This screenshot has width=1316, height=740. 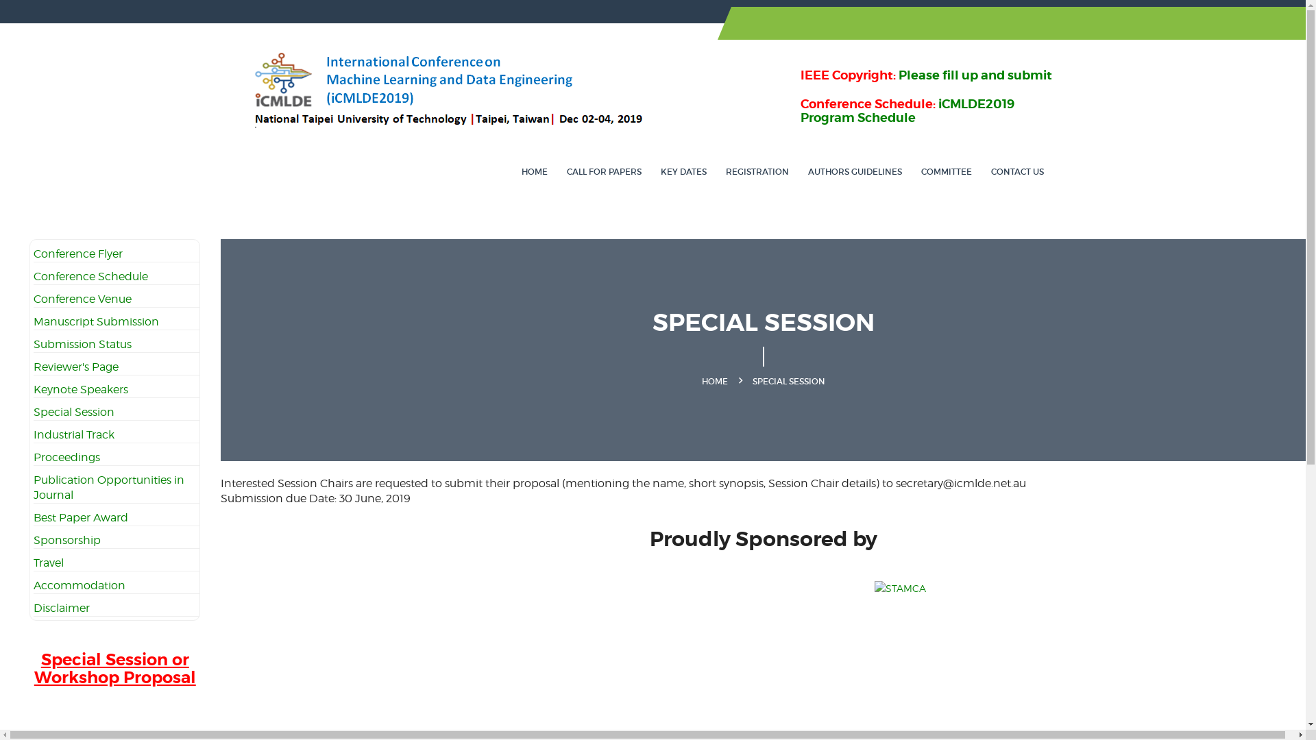 I want to click on 'Conference Venue', so click(x=82, y=298).